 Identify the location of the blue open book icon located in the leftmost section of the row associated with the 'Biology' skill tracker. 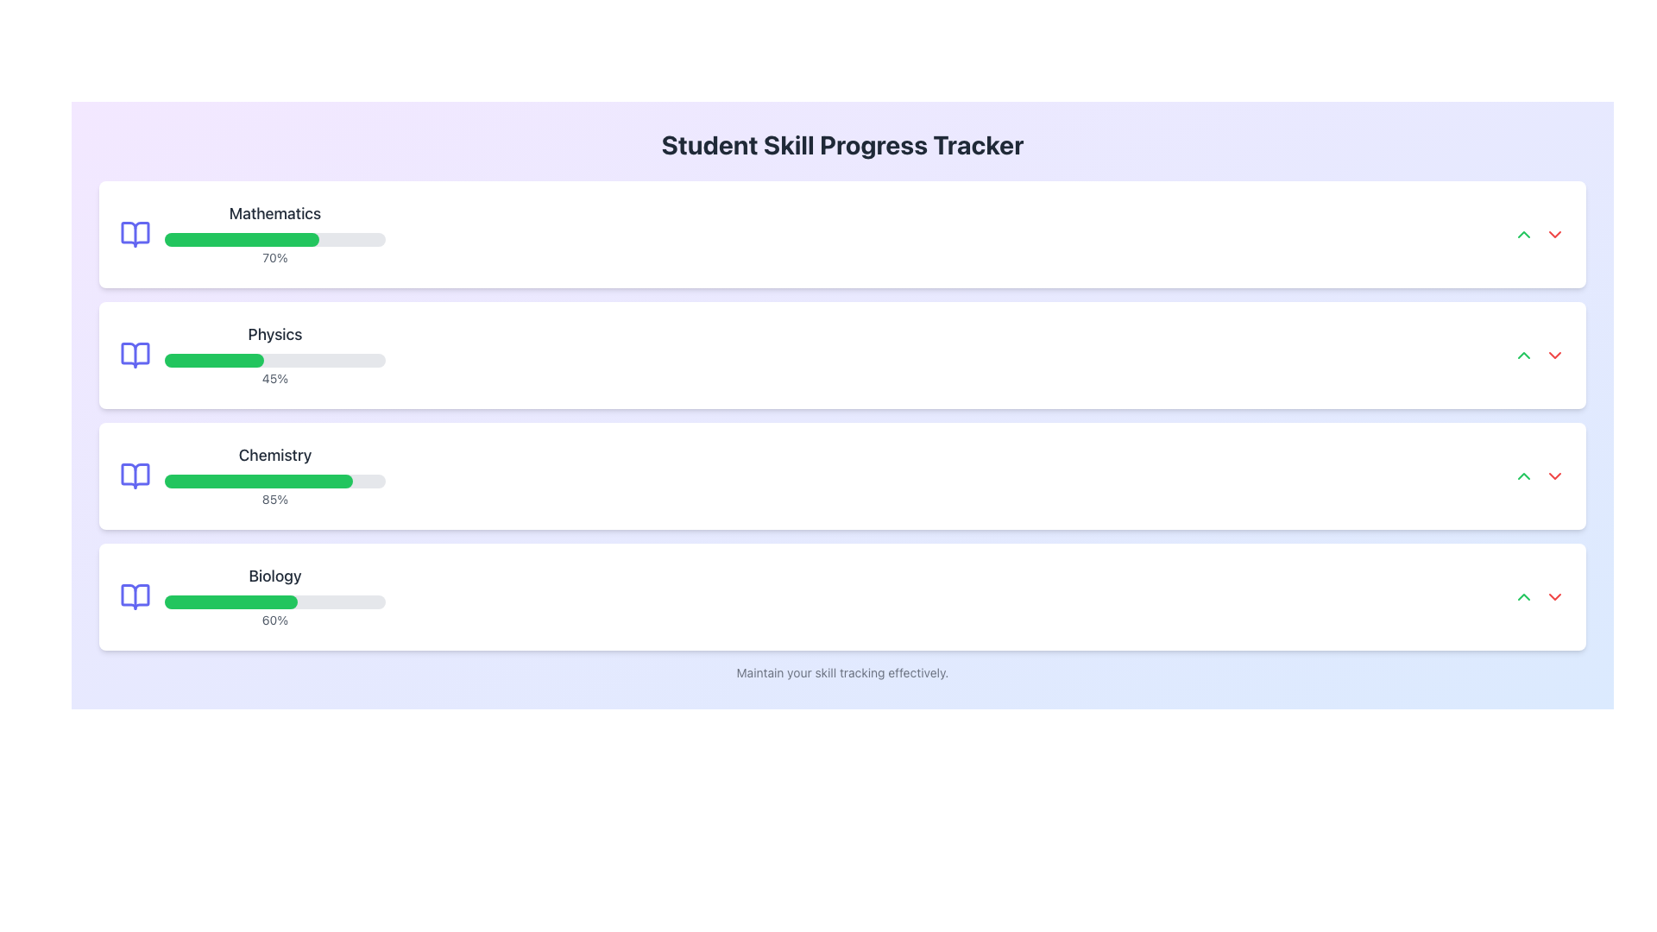
(135, 595).